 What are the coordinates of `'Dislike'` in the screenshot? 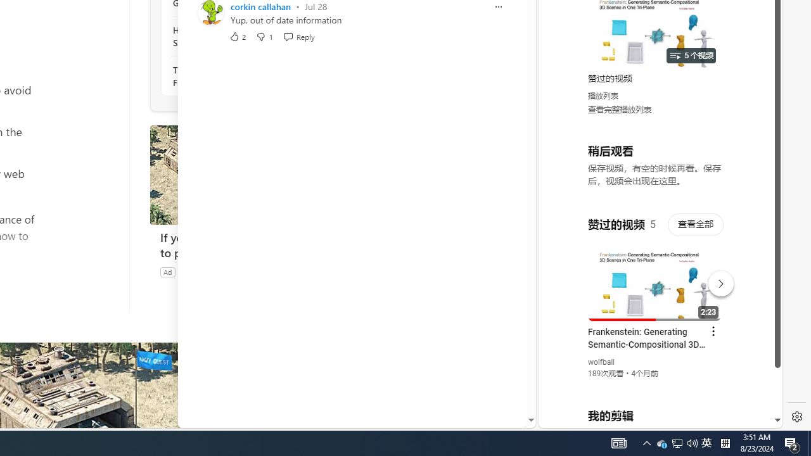 It's located at (264, 35).